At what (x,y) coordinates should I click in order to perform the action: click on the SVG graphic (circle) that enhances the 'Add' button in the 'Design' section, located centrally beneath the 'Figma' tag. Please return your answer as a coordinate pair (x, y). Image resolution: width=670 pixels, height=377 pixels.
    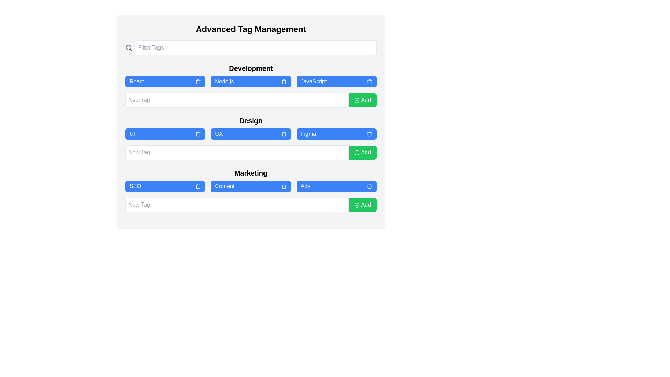
    Looking at the image, I should click on (357, 152).